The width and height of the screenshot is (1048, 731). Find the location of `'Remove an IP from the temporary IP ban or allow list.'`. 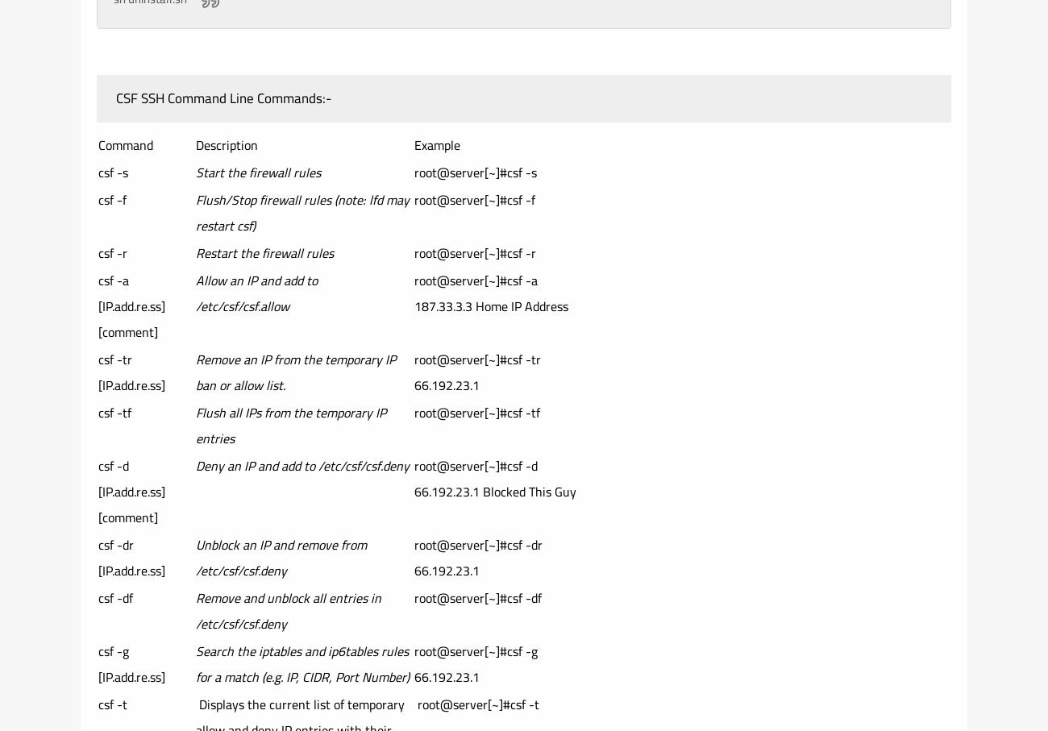

'Remove an IP from the temporary IP ban or allow list.' is located at coordinates (293, 372).